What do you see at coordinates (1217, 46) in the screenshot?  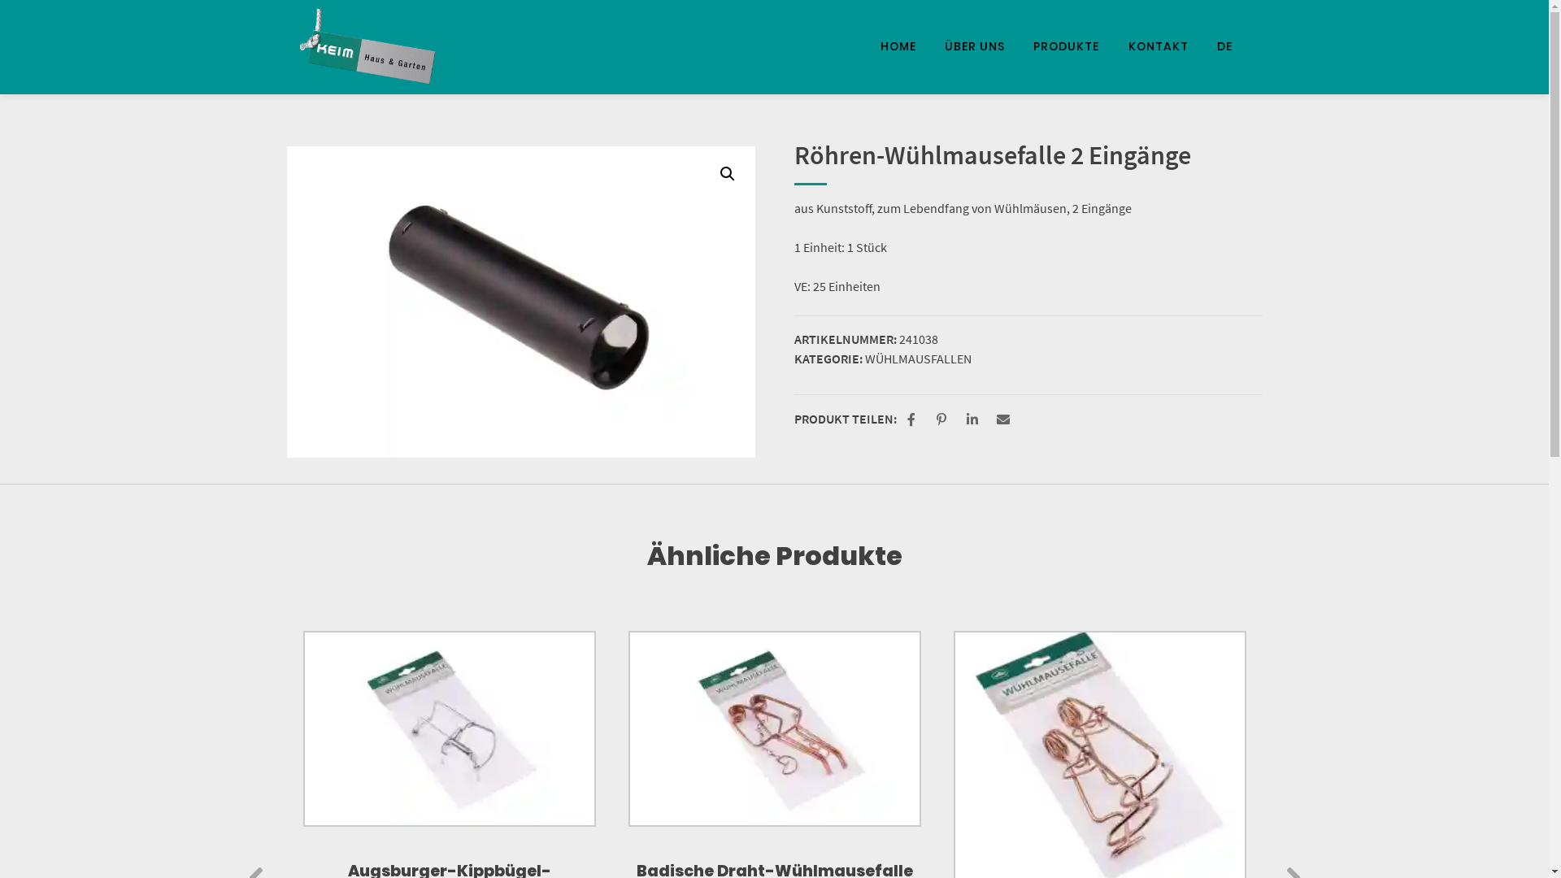 I see `'DE'` at bounding box center [1217, 46].